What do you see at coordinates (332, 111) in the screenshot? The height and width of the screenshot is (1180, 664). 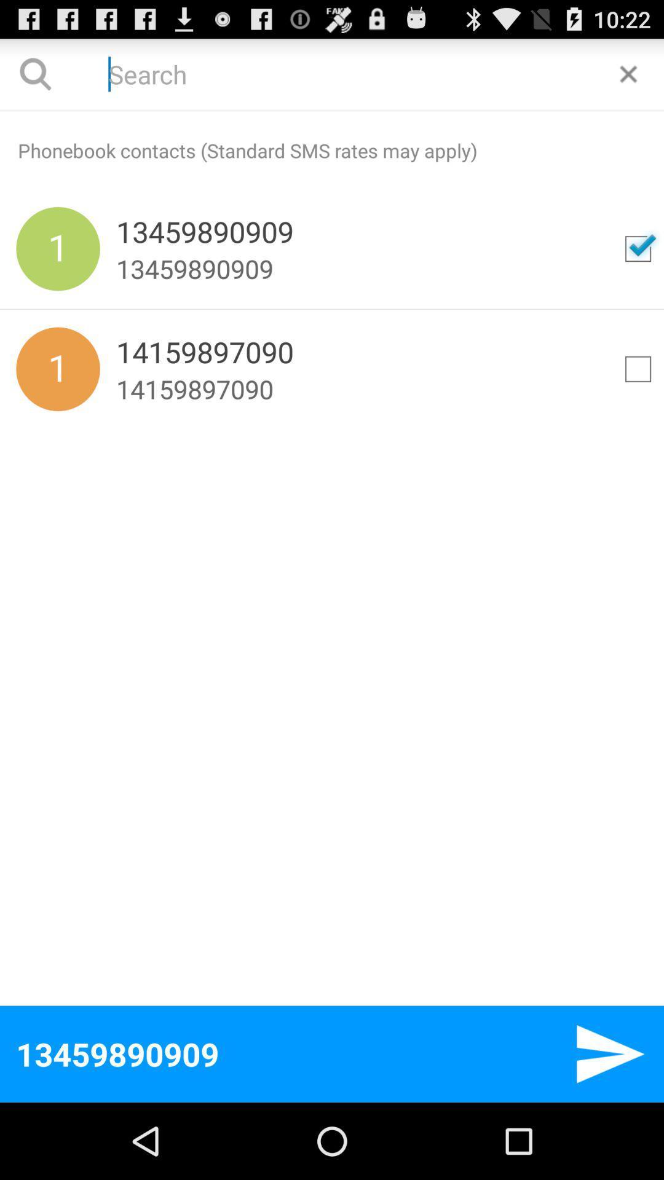 I see `icon above phonebook contacts standard` at bounding box center [332, 111].